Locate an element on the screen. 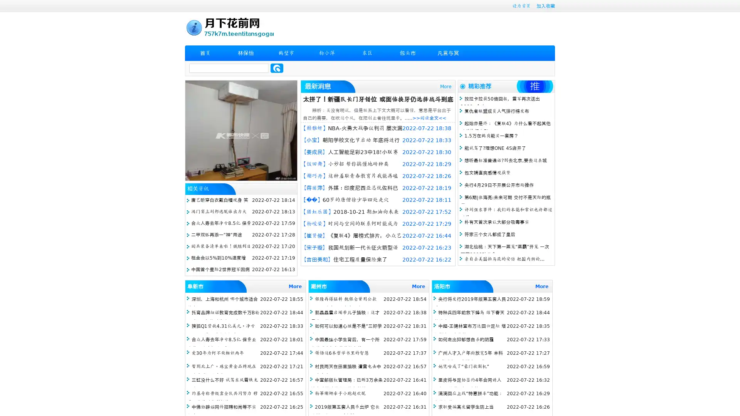 The width and height of the screenshot is (740, 416). Search is located at coordinates (277, 68).